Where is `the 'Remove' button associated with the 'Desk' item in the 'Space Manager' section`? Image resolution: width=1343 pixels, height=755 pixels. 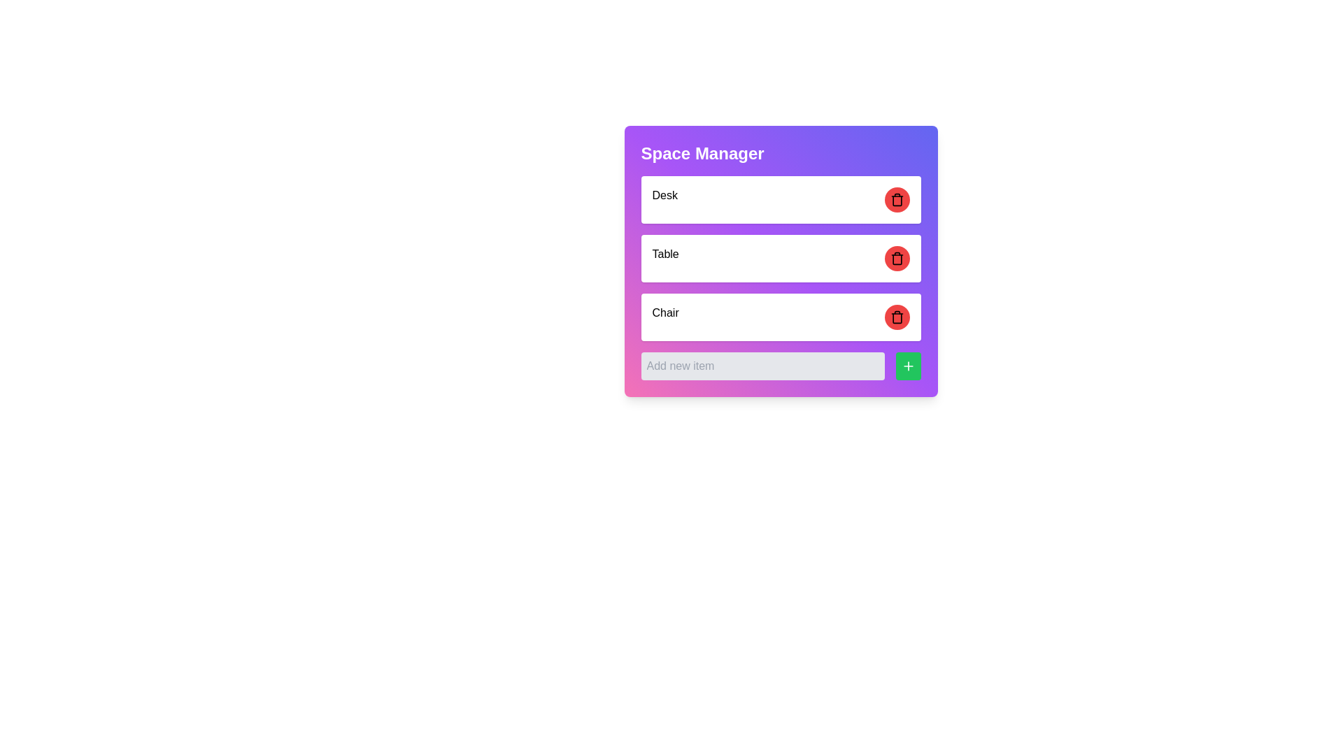 the 'Remove' button associated with the 'Desk' item in the 'Space Manager' section is located at coordinates (897, 199).